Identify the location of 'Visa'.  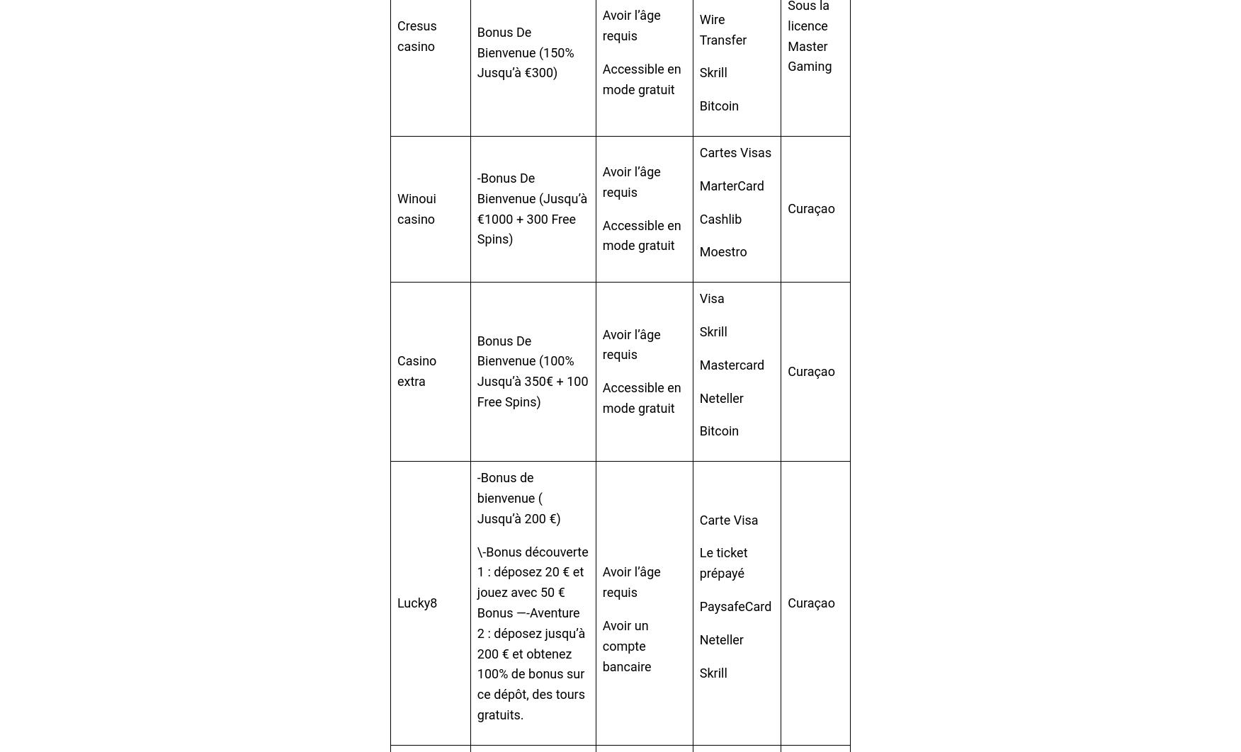
(710, 297).